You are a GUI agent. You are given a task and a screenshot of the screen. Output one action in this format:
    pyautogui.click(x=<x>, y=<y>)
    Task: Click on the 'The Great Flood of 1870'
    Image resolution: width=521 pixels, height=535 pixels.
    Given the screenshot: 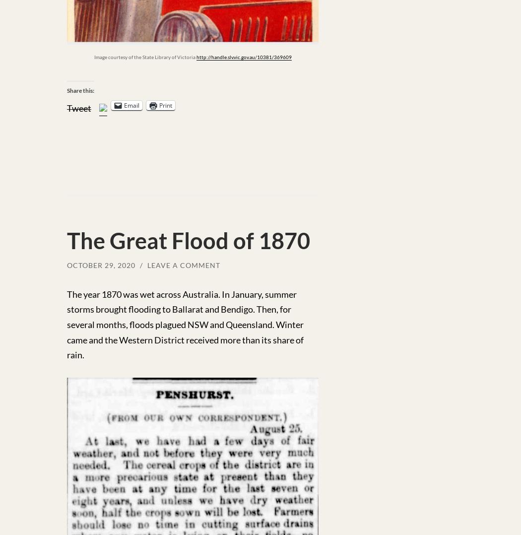 What is the action you would take?
    pyautogui.click(x=188, y=240)
    